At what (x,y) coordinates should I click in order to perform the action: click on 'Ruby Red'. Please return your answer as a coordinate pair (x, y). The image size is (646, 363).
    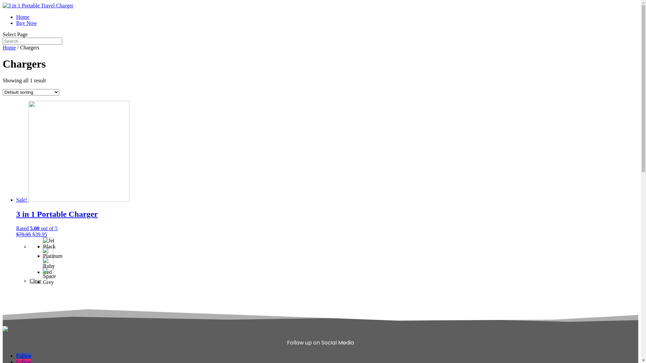
    Looking at the image, I should click on (48, 263).